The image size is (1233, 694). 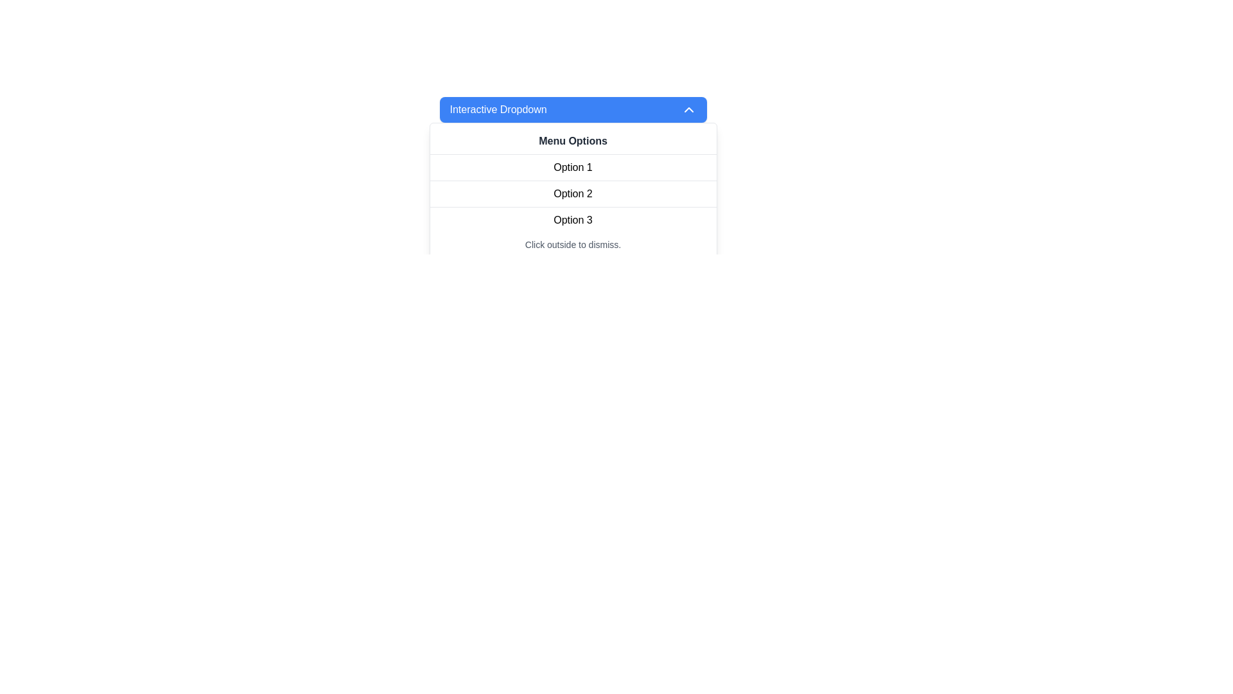 What do you see at coordinates (572, 109) in the screenshot?
I see `the button that toggles the visibility of the dropdown menu, located at the top center of the dropdown menu with options below it` at bounding box center [572, 109].